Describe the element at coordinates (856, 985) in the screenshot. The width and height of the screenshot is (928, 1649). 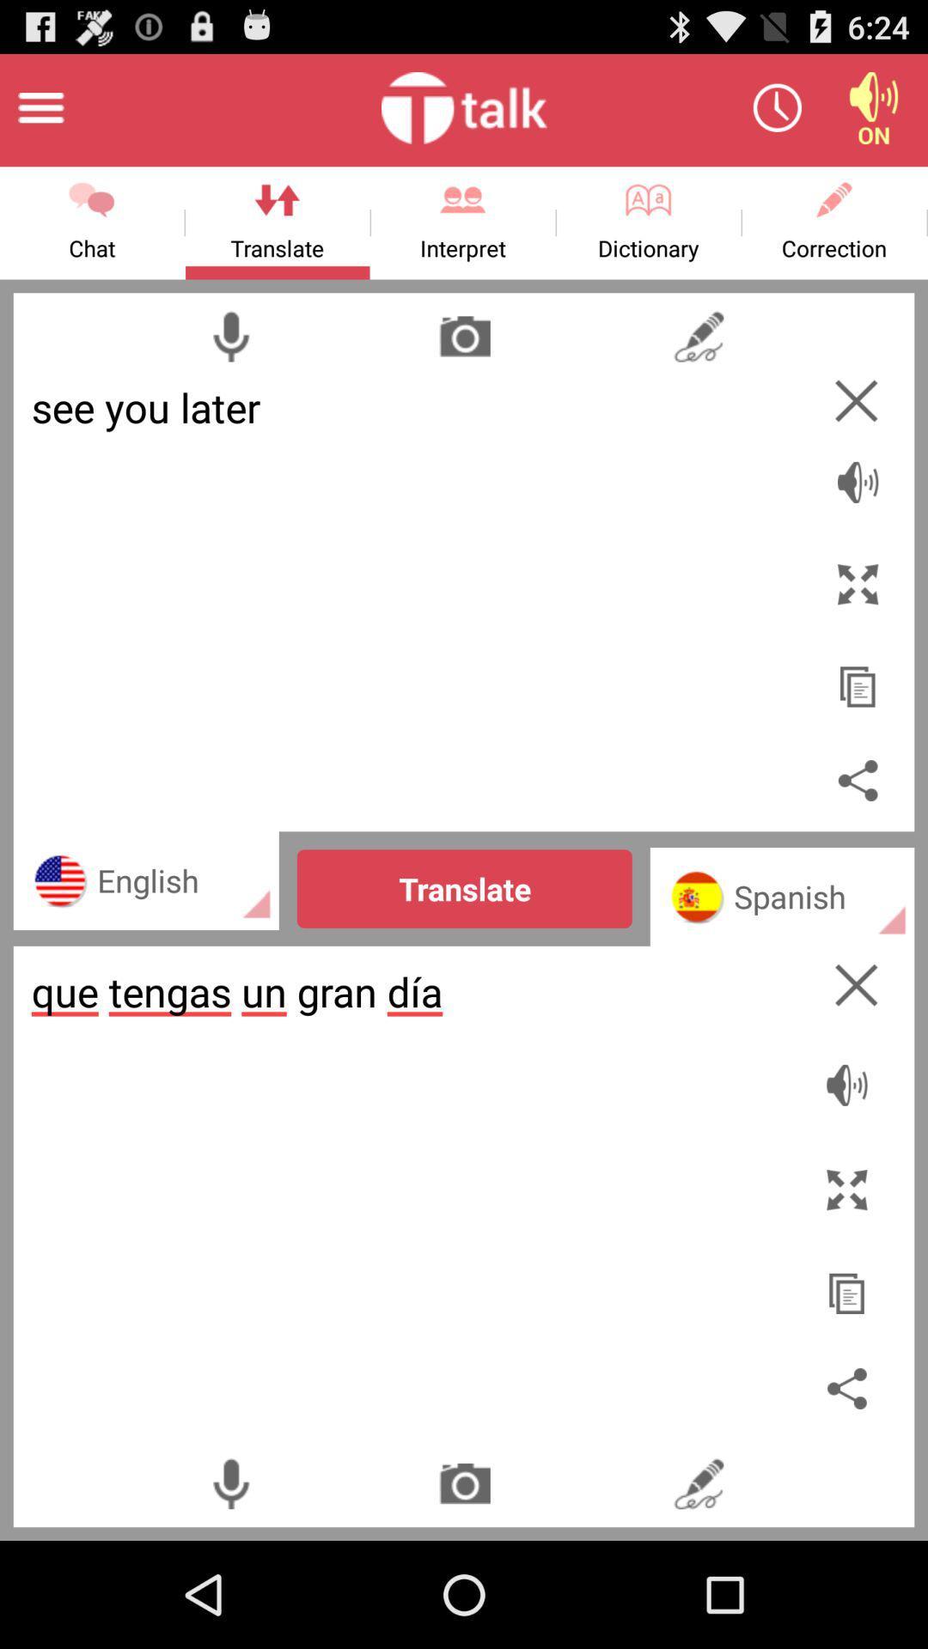
I see `cancel translation` at that location.